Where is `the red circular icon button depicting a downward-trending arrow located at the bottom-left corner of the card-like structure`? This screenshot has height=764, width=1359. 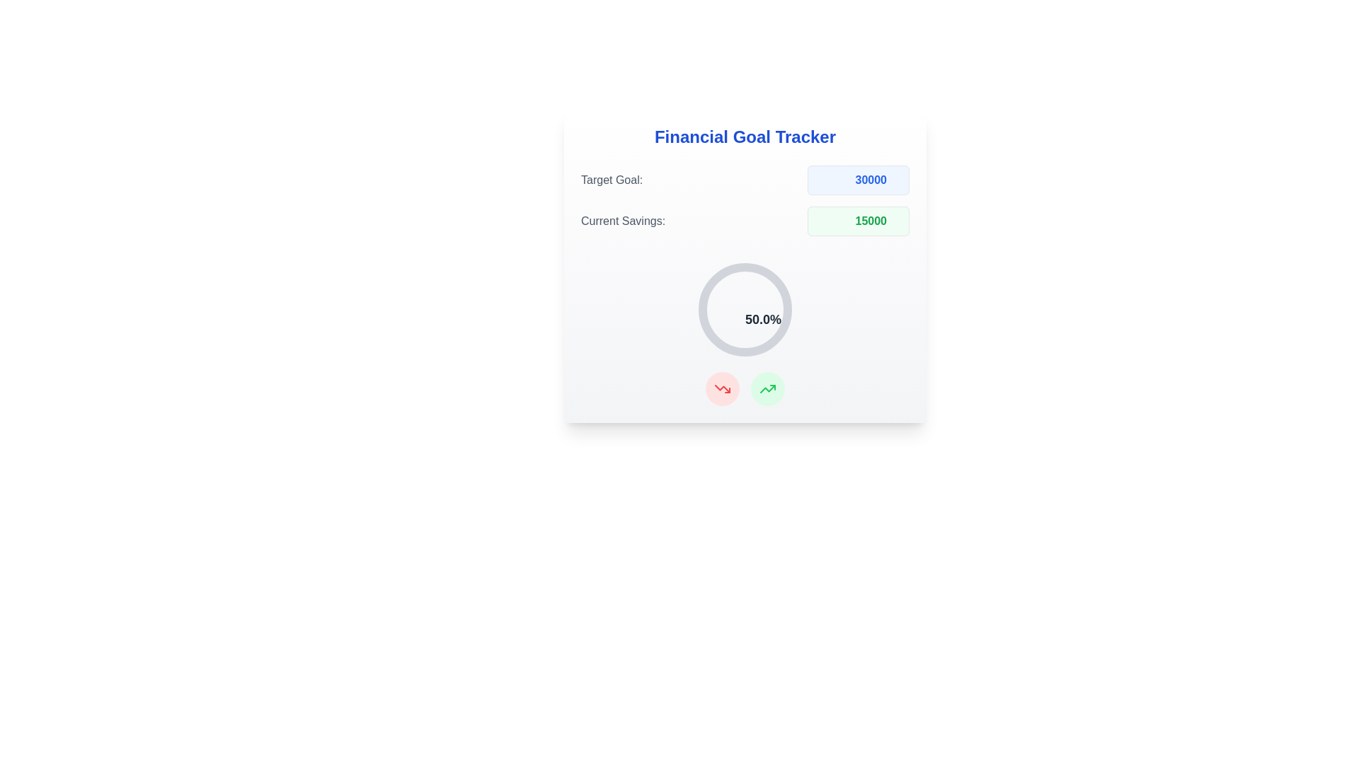 the red circular icon button depicting a downward-trending arrow located at the bottom-left corner of the card-like structure is located at coordinates (723, 389).